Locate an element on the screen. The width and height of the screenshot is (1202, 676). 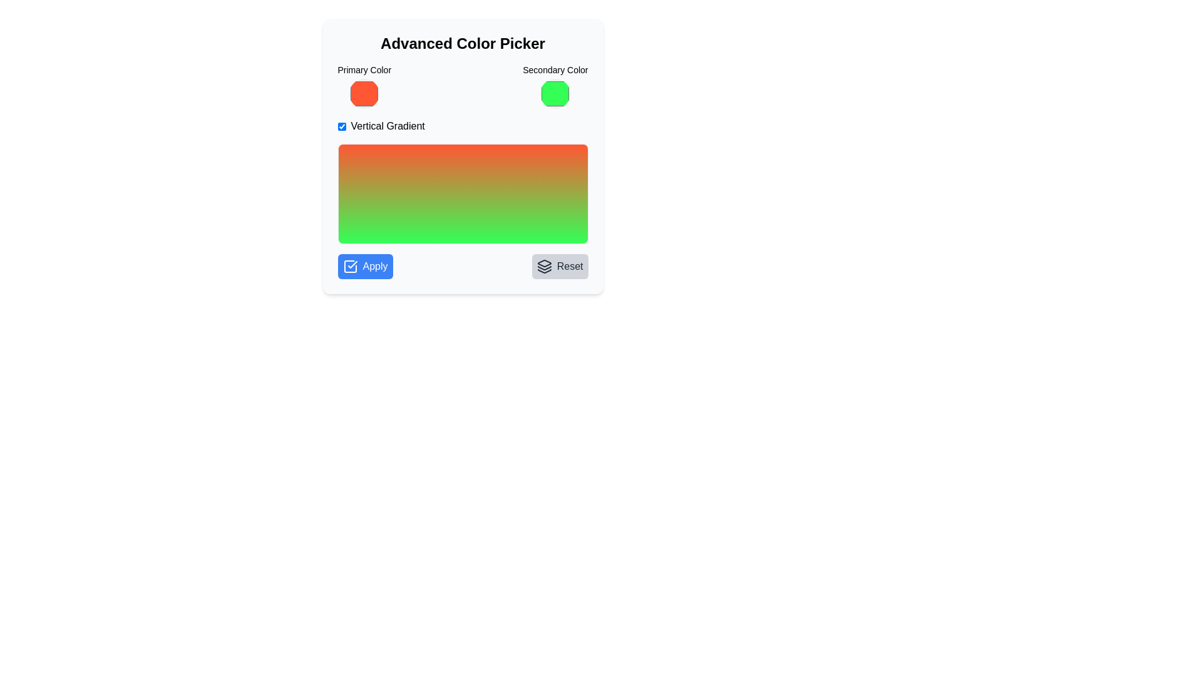
the Text label that indicates the function of the associated color selector, located at the top-left corner of the main color picker interface is located at coordinates (364, 69).